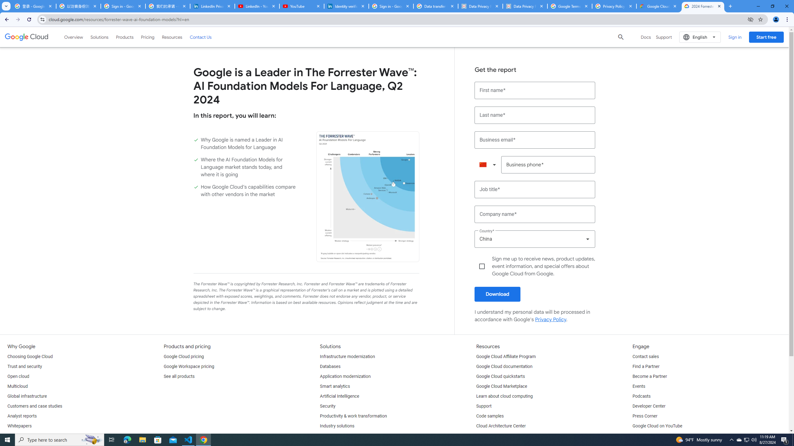 Image resolution: width=794 pixels, height=446 pixels. I want to click on 'Artificial Intelligence', so click(339, 396).